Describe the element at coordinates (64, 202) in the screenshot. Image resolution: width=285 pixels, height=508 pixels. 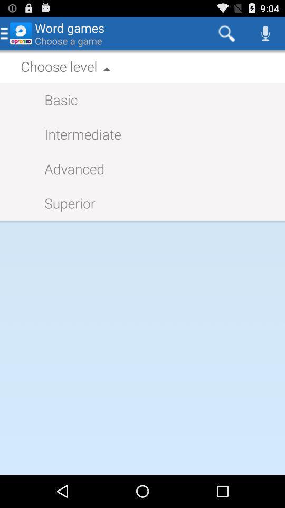
I see `item below the advanced app` at that location.